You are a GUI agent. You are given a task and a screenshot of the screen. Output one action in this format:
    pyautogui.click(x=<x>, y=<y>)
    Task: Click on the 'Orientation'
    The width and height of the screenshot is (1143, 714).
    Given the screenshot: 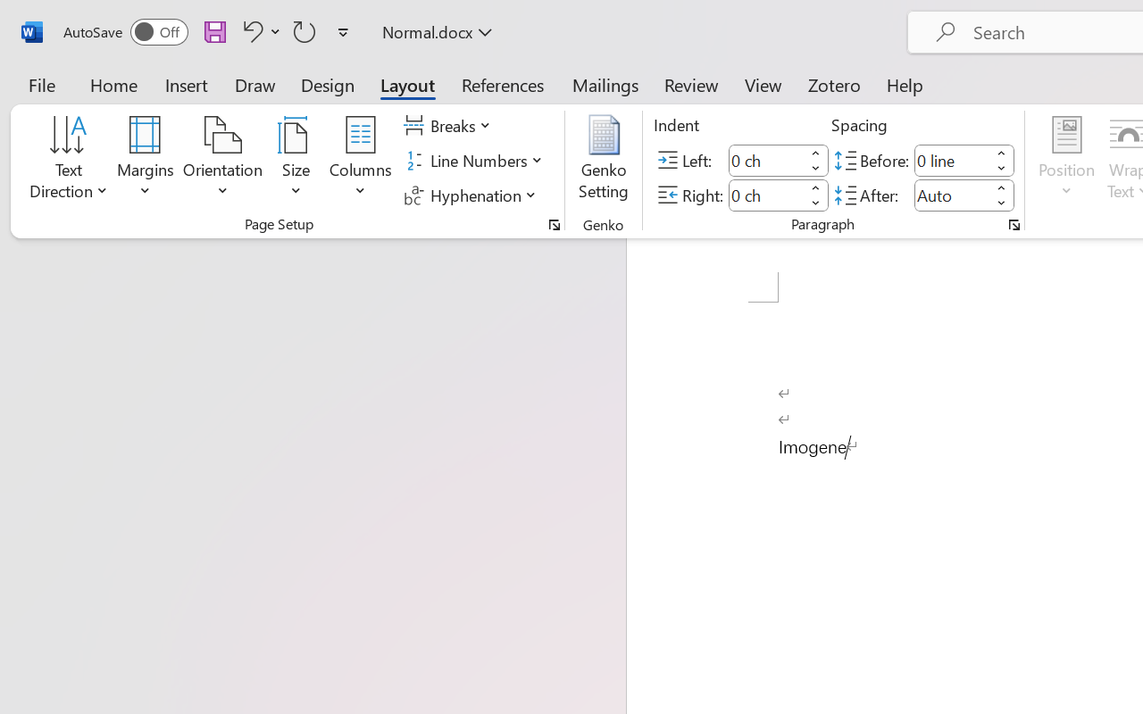 What is the action you would take?
    pyautogui.click(x=222, y=160)
    